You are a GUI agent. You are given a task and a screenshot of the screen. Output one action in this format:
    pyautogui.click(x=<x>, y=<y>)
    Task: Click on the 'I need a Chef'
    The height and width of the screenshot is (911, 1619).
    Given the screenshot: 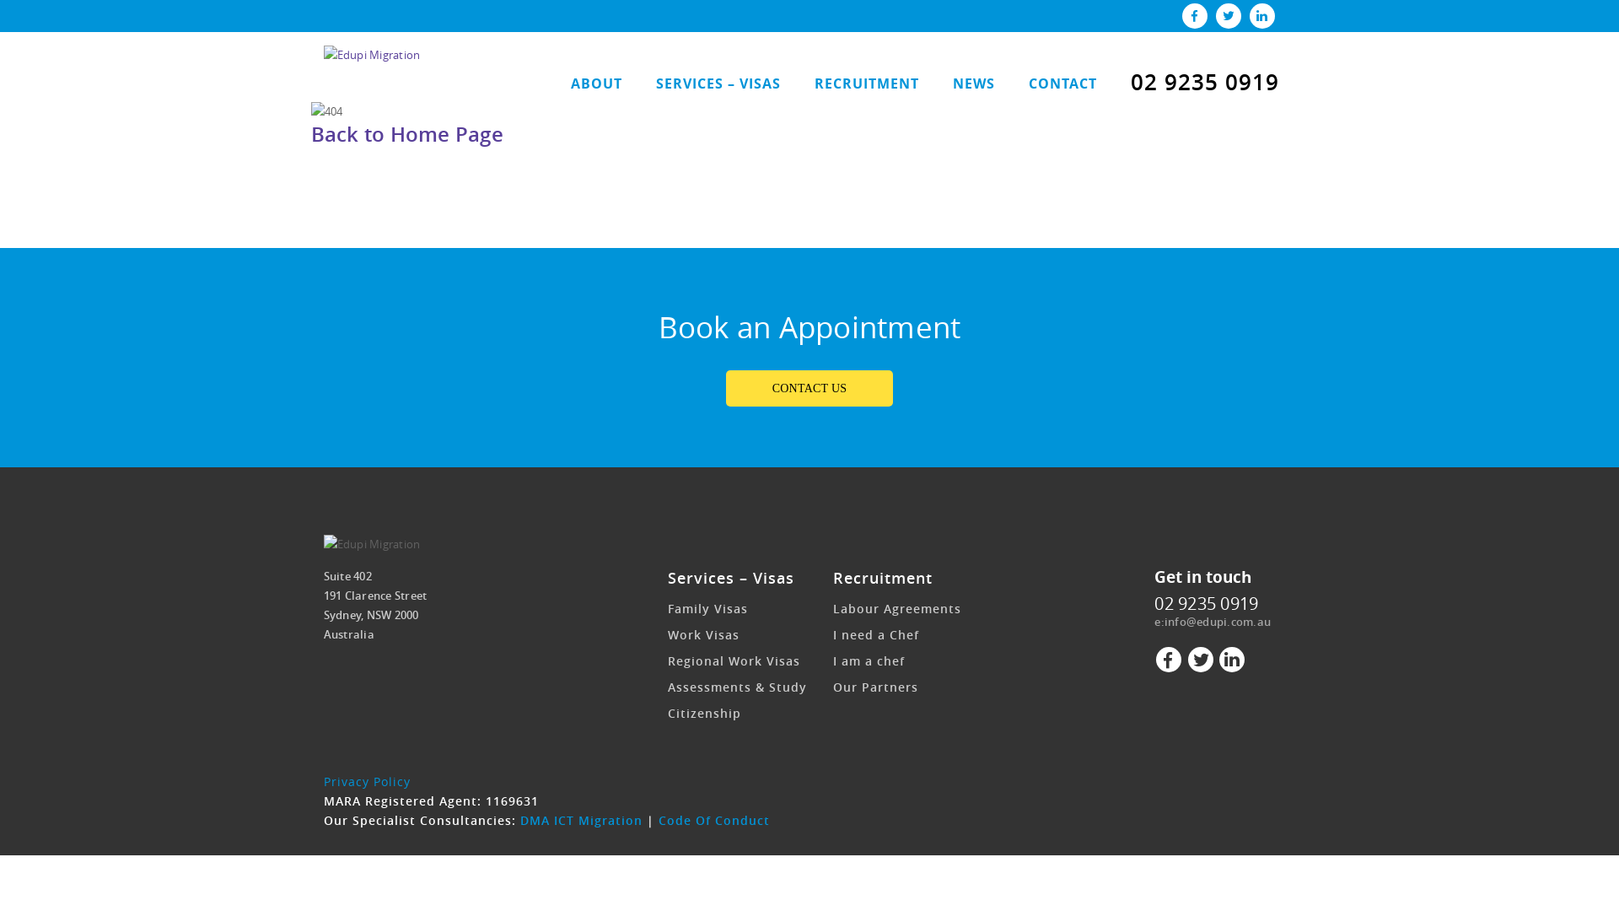 What is the action you would take?
    pyautogui.click(x=833, y=634)
    